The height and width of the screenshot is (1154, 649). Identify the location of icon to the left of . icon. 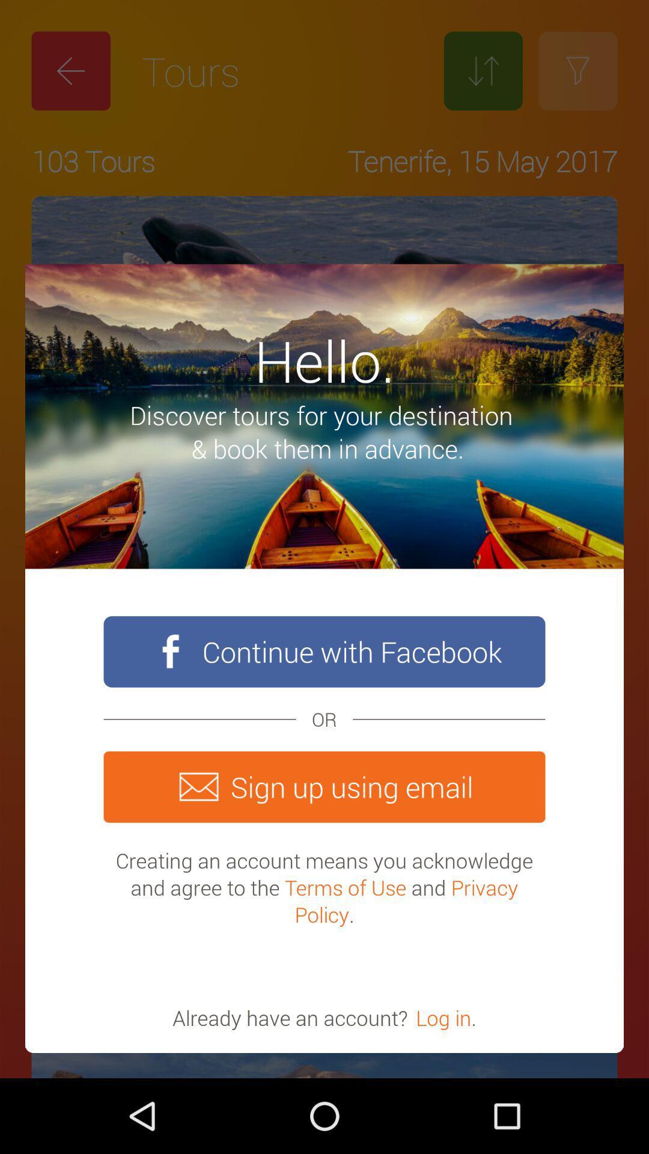
(443, 1017).